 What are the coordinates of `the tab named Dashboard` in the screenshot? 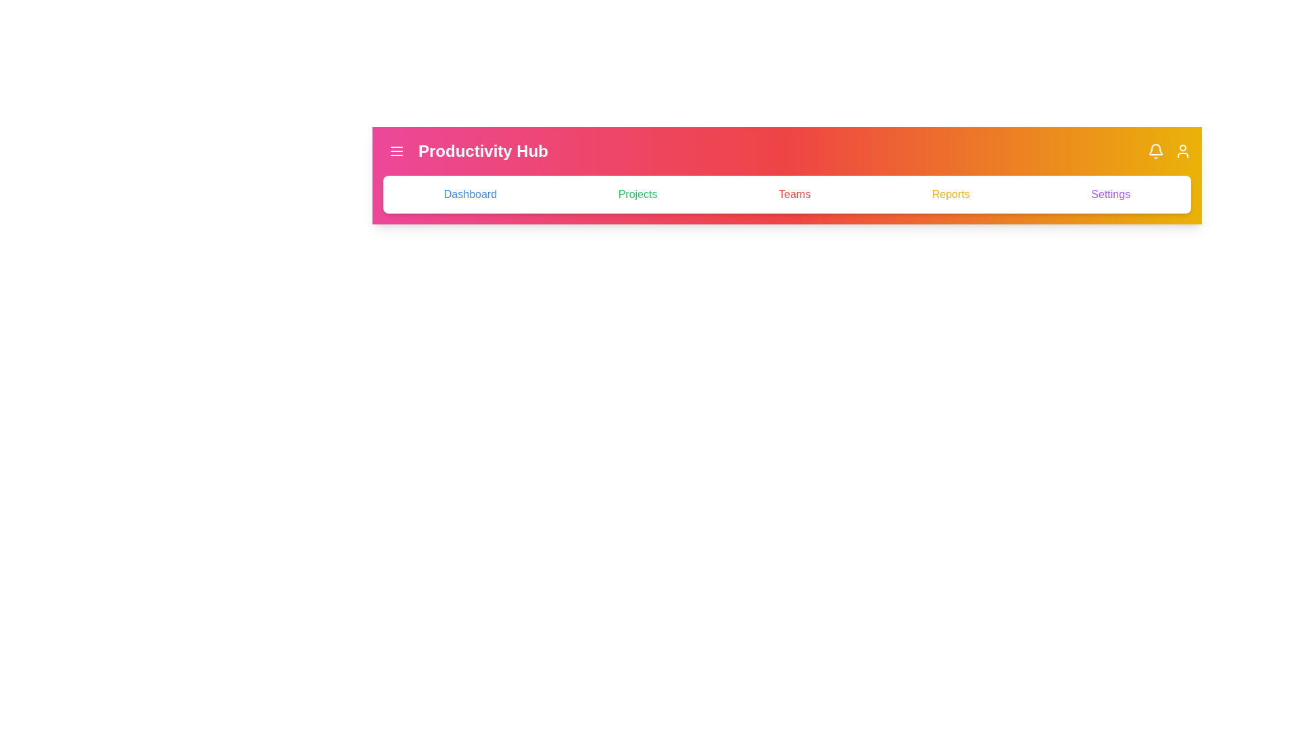 It's located at (471, 195).